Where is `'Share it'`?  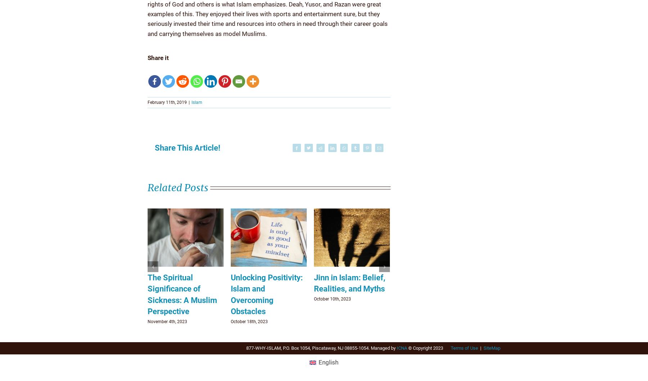 'Share it' is located at coordinates (148, 57).